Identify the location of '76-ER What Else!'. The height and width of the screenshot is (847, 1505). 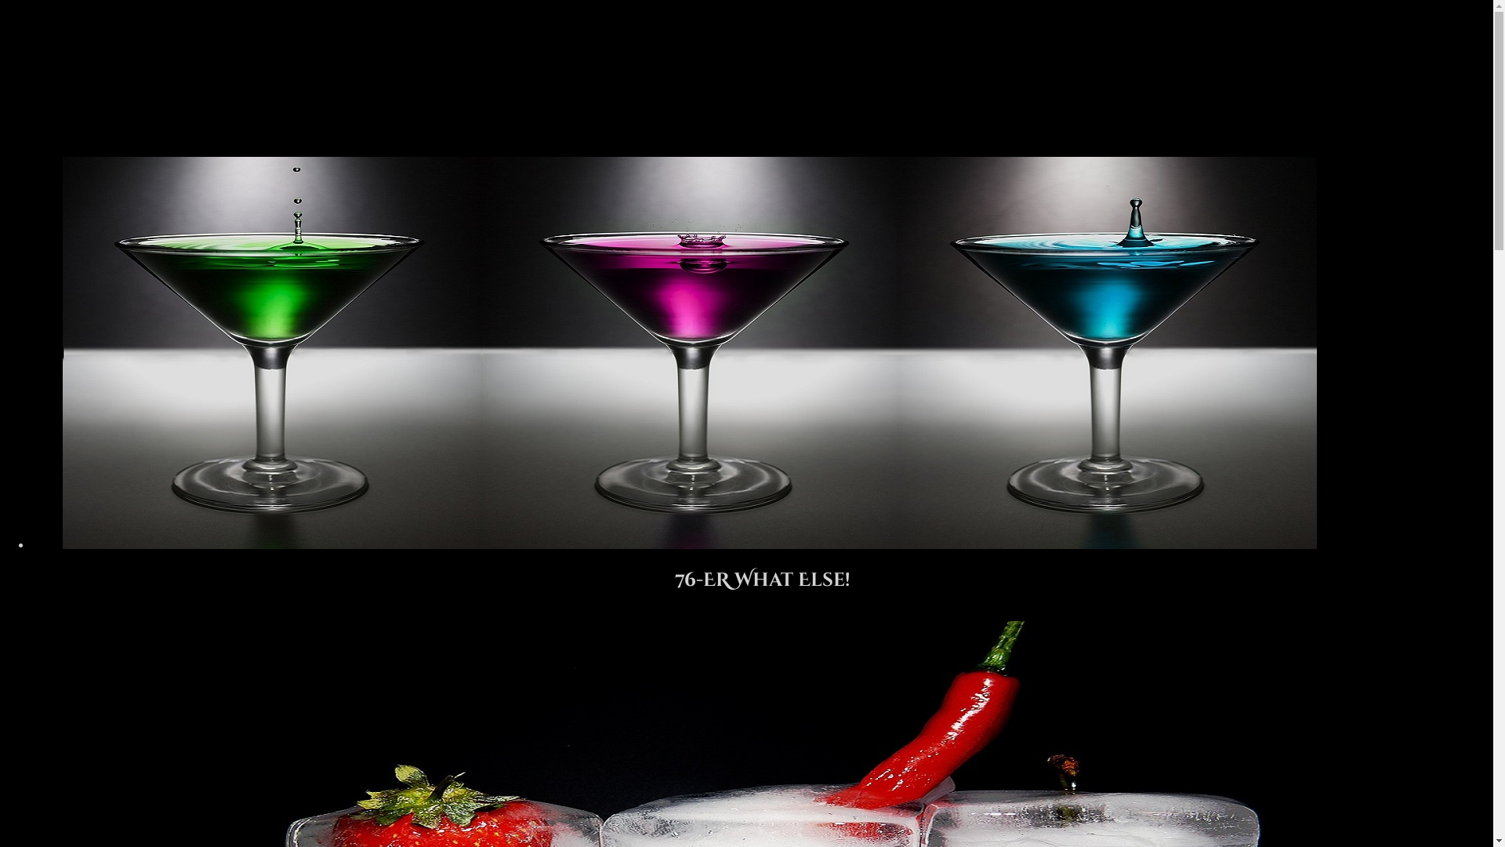
(762, 573).